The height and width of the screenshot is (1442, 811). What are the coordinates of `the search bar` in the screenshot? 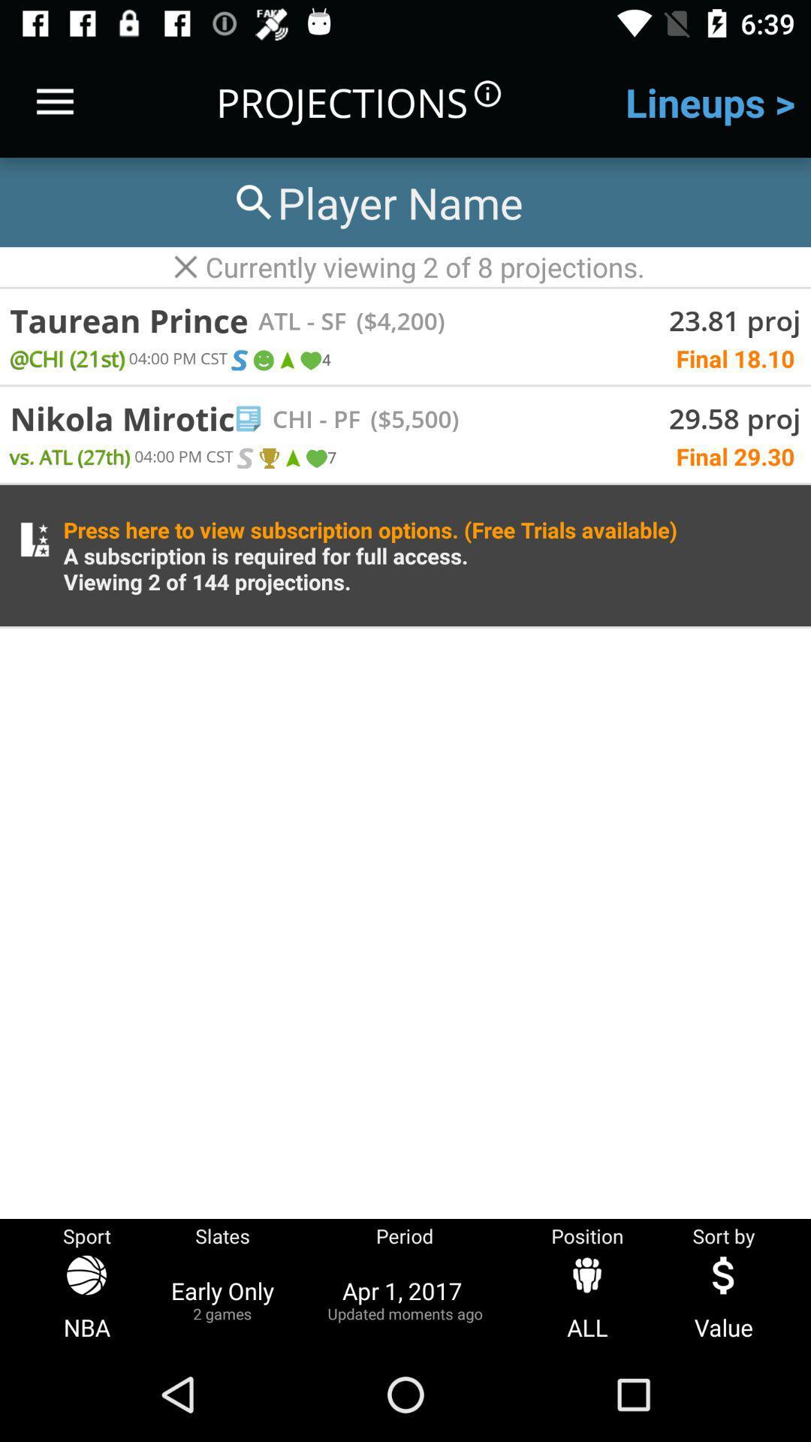 It's located at (375, 201).